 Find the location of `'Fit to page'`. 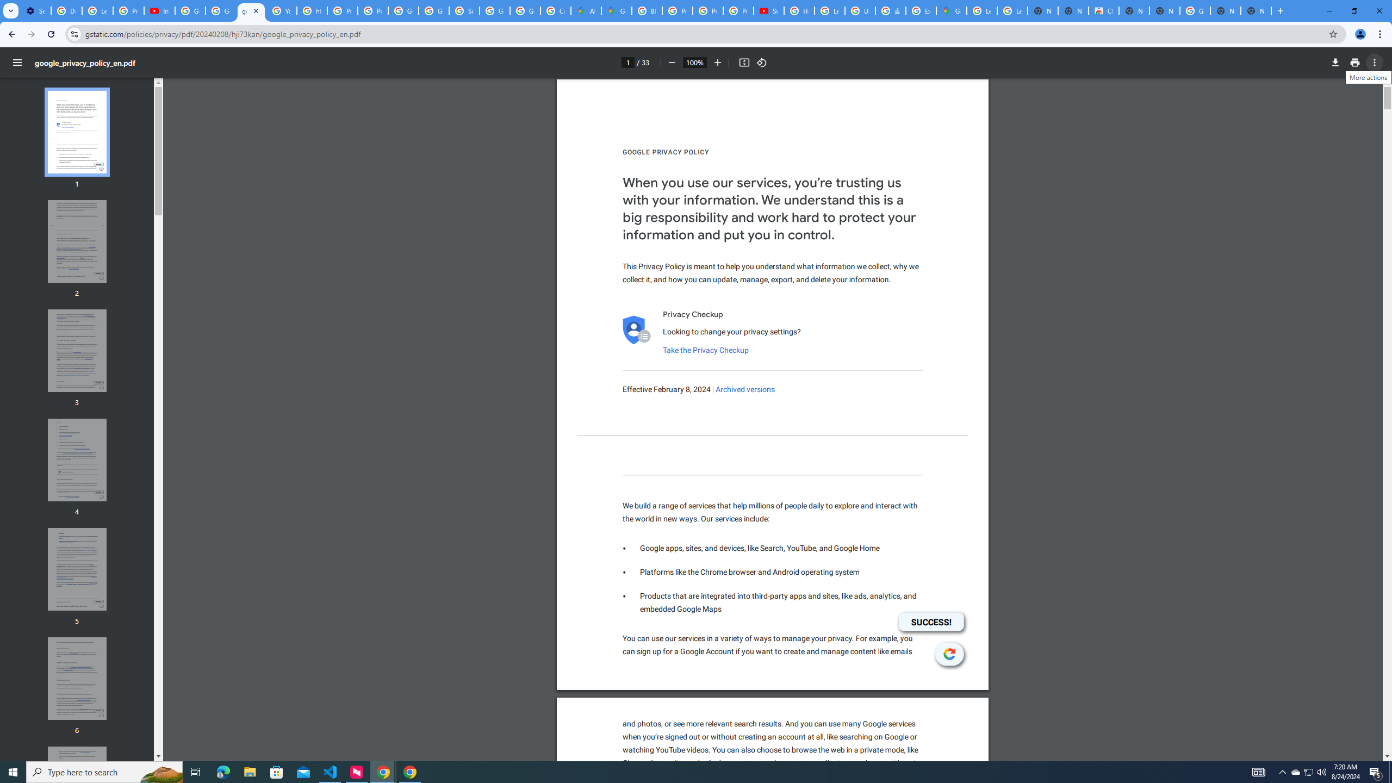

'Fit to page' is located at coordinates (743, 62).